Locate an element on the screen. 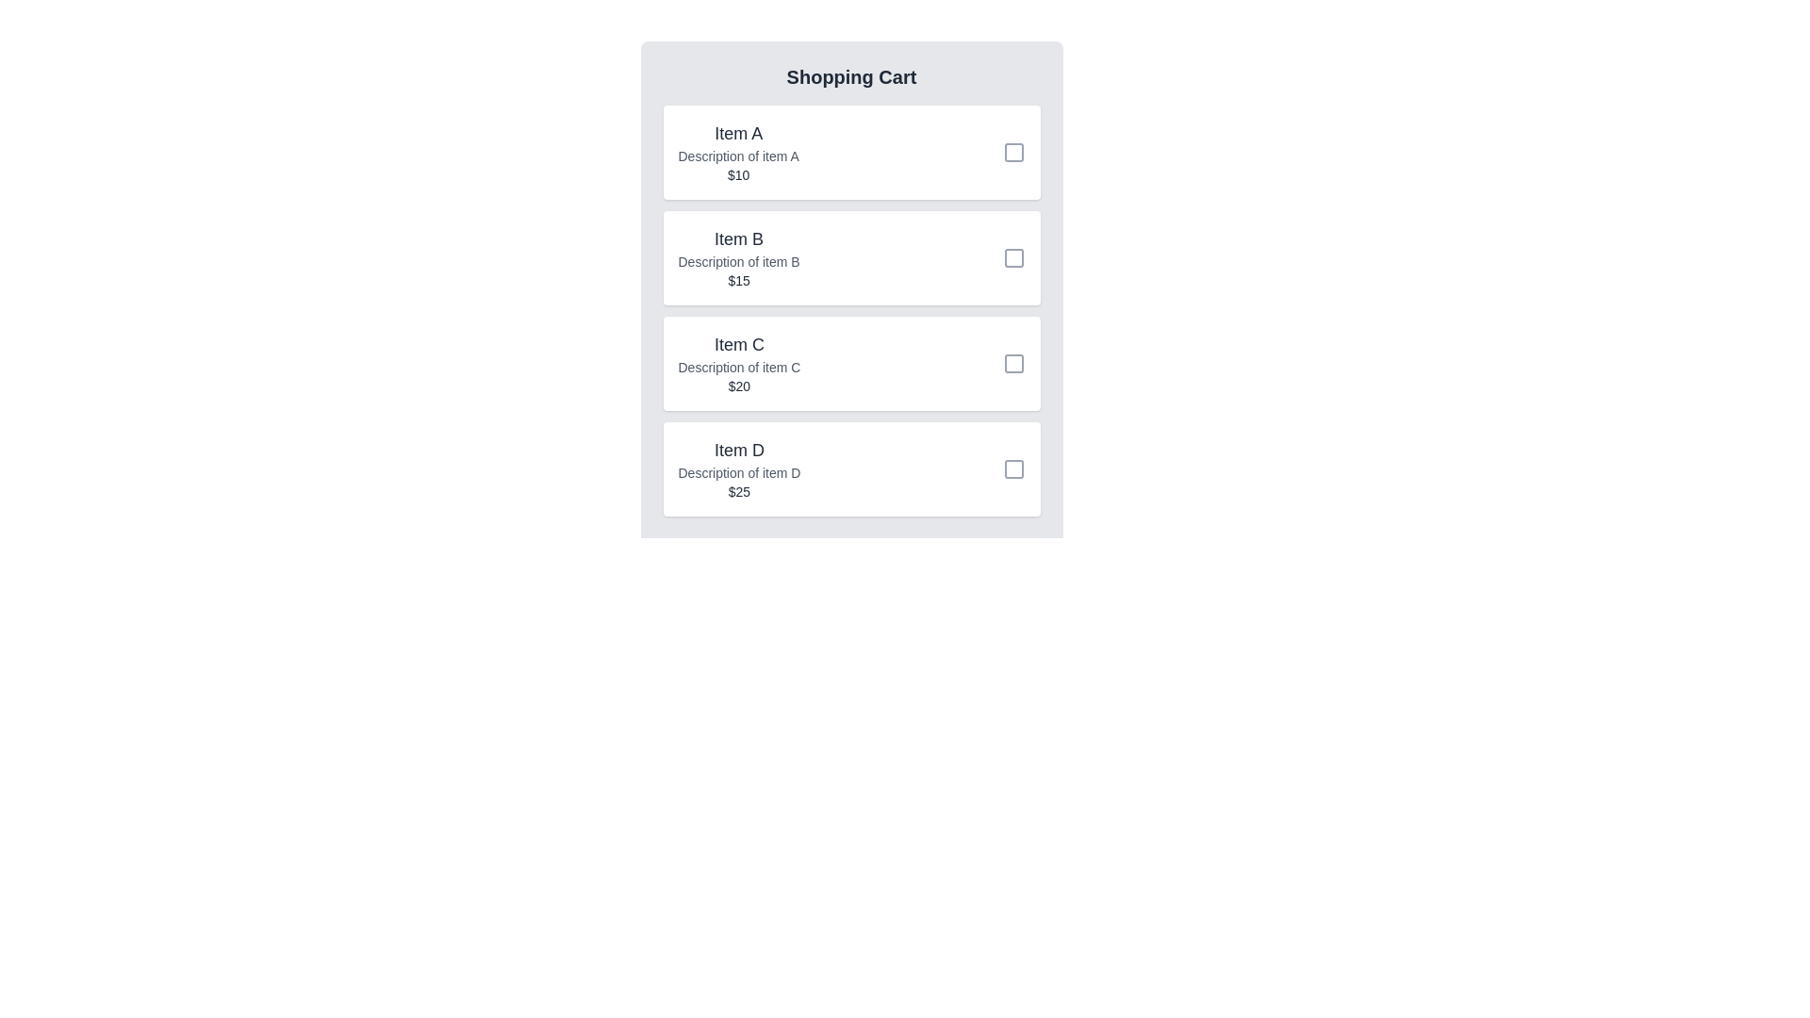 The height and width of the screenshot is (1018, 1810). the composite informational display for 'Item B' is located at coordinates (738, 257).